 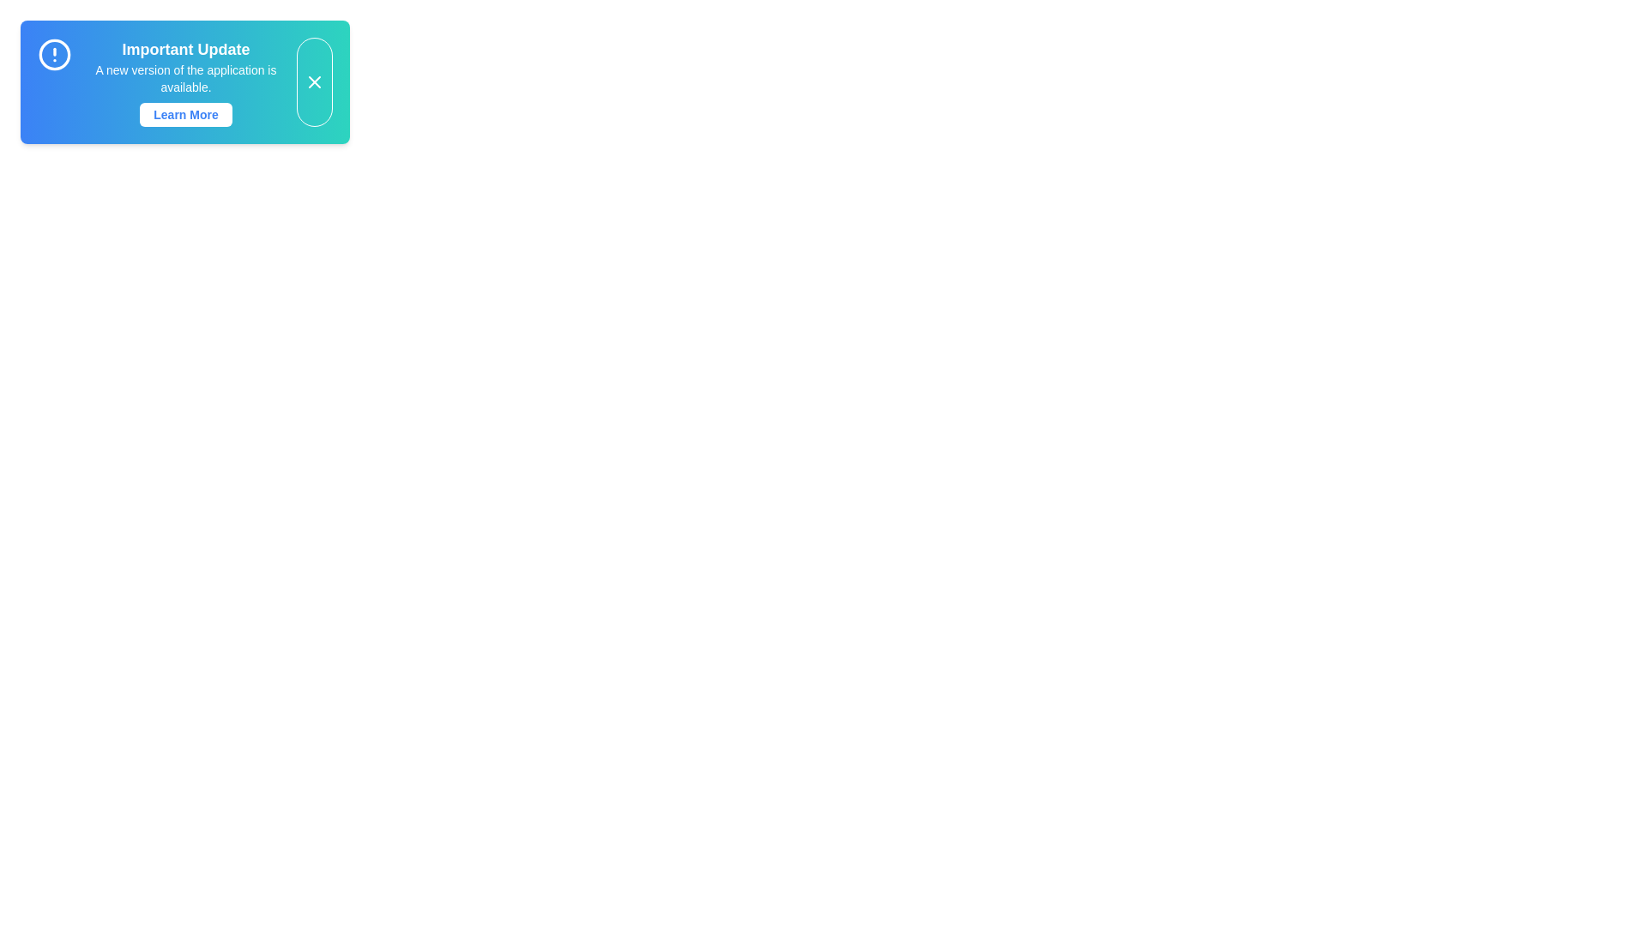 What do you see at coordinates (54, 54) in the screenshot?
I see `the alert icon to interact with it` at bounding box center [54, 54].